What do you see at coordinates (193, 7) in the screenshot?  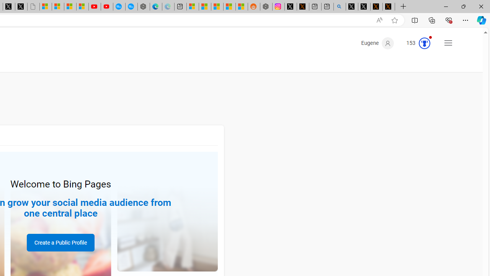 I see `'Microsoft account | Microsoft Account Privacy Settings'` at bounding box center [193, 7].